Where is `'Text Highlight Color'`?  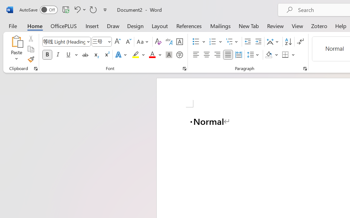 'Text Highlight Color' is located at coordinates (138, 55).